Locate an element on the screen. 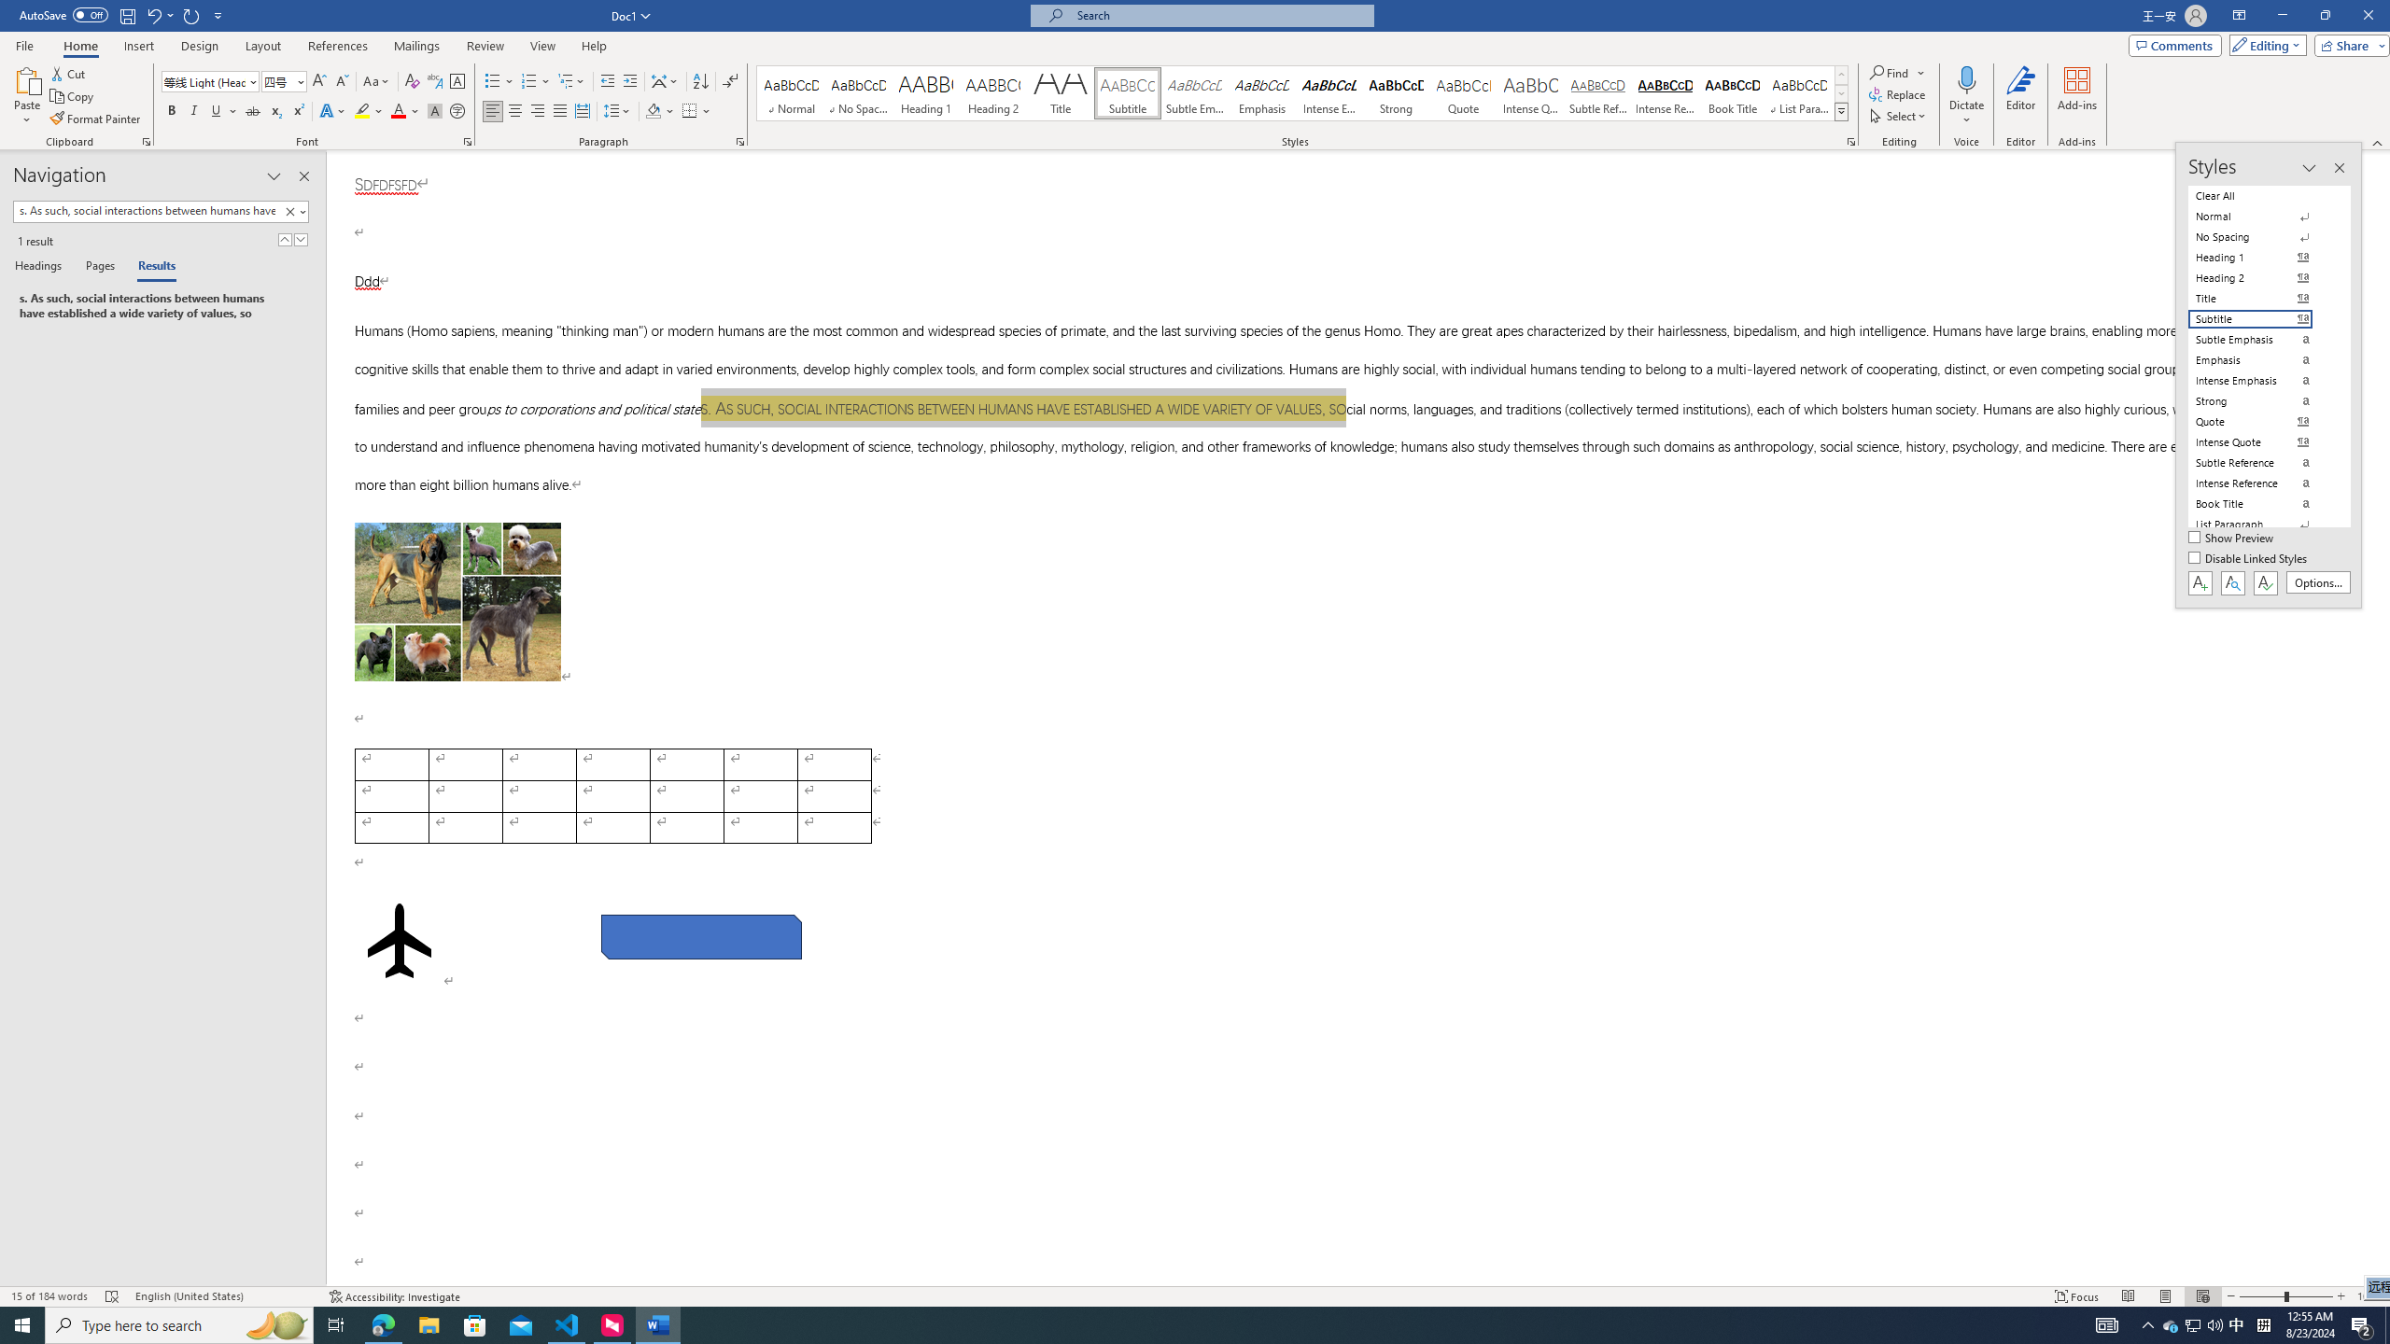  'Class: NetUIScrollBar' is located at coordinates (2382, 718).